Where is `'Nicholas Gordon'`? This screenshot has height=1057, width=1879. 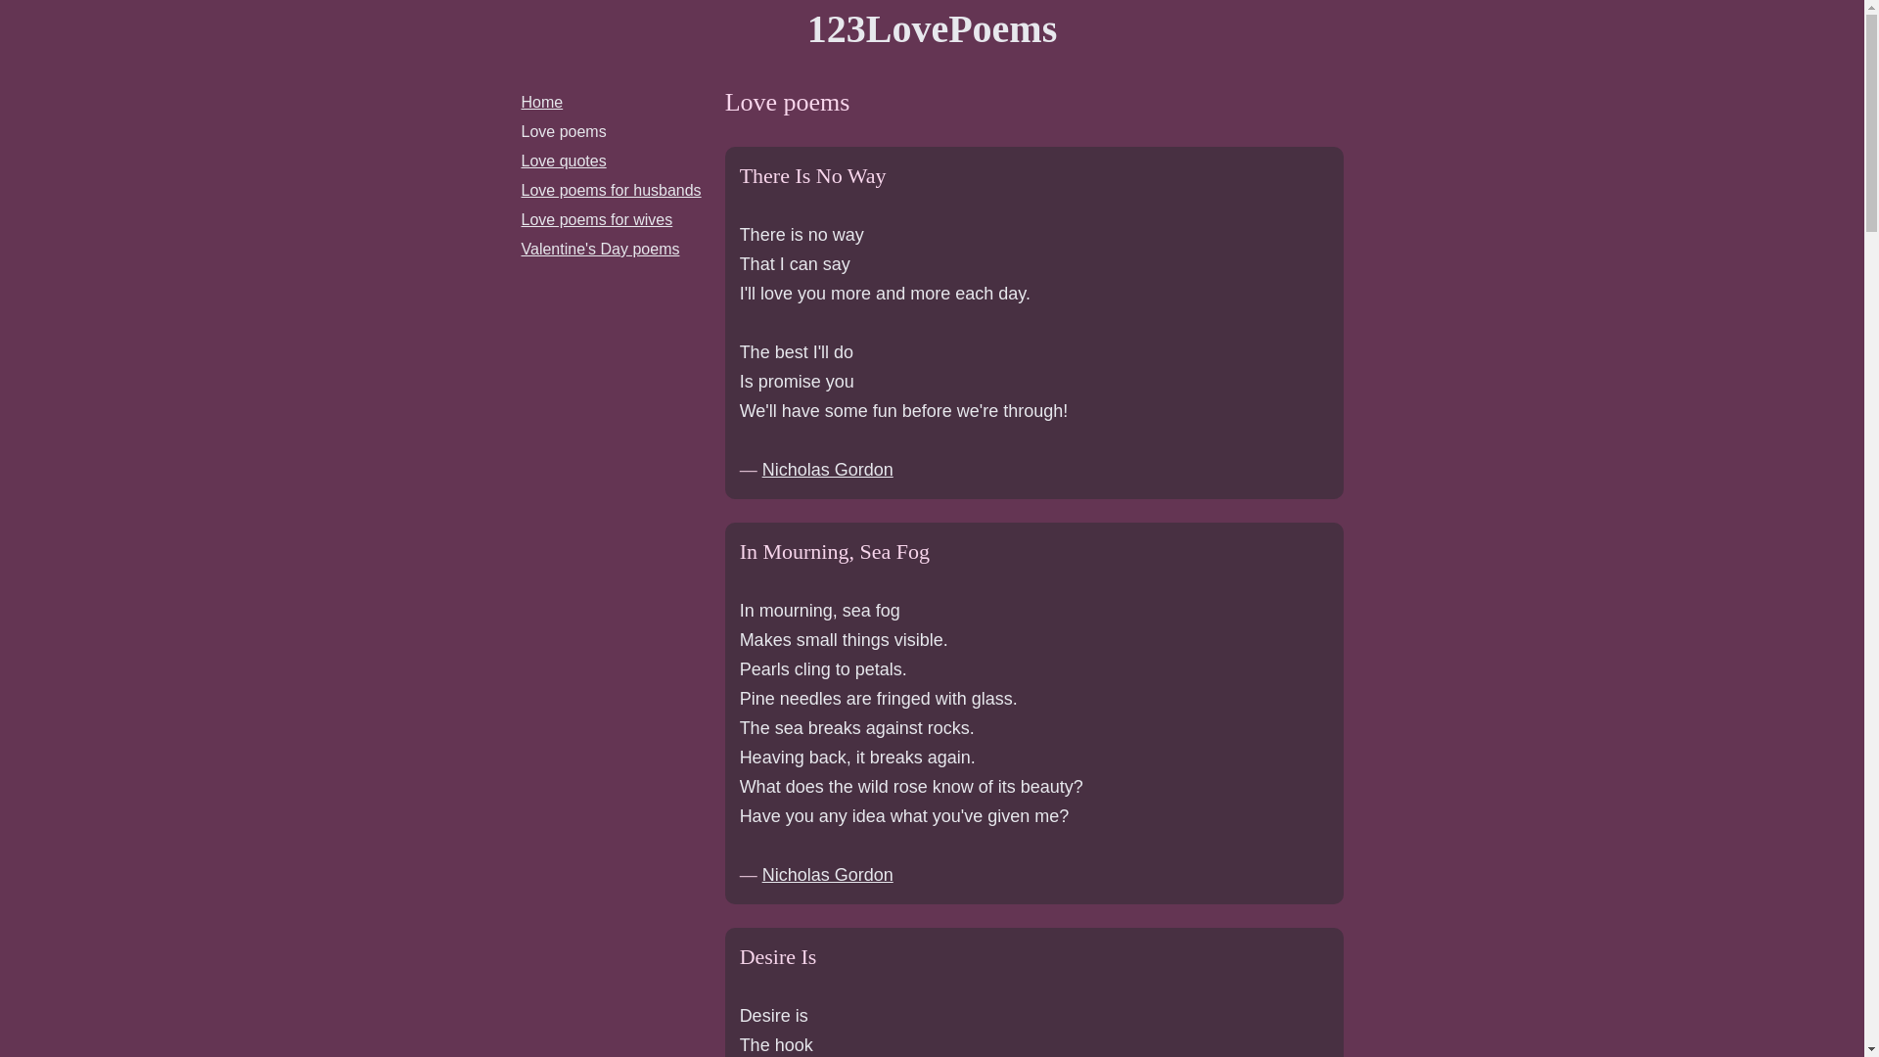
'Nicholas Gordon' is located at coordinates (827, 469).